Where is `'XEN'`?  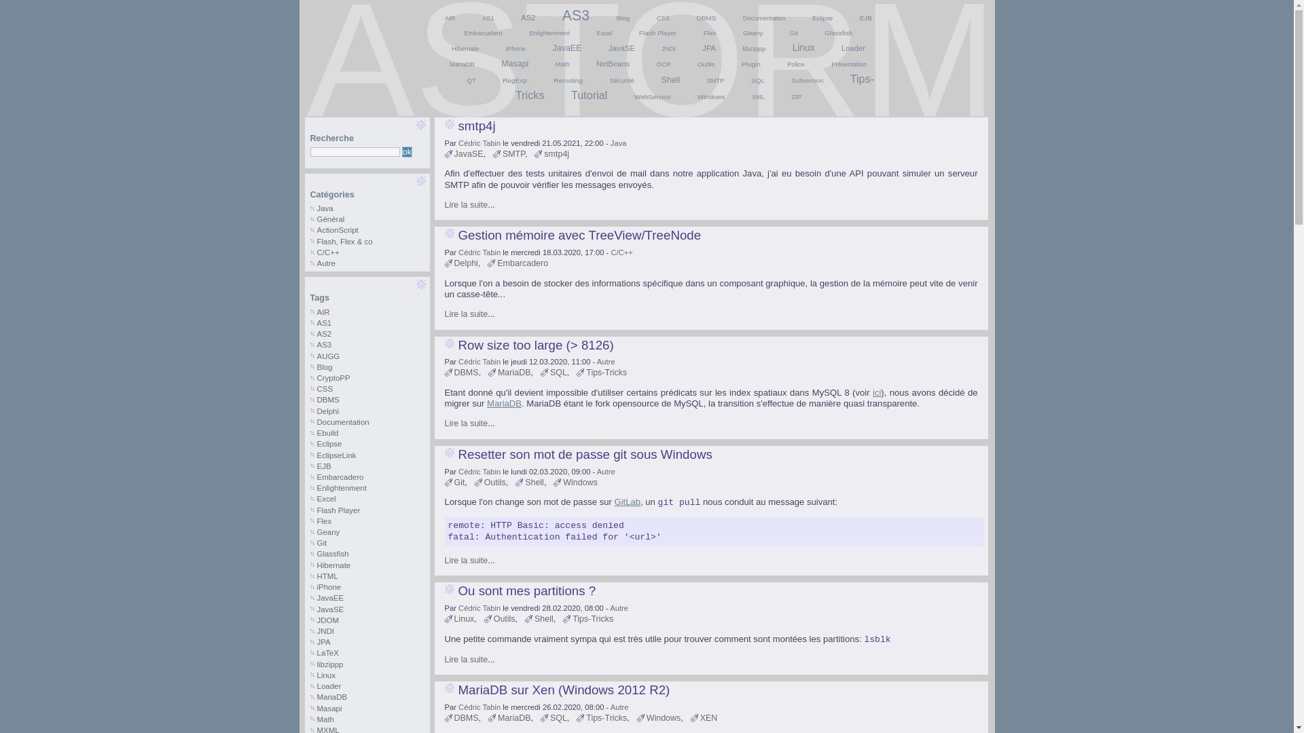 'XEN' is located at coordinates (708, 717).